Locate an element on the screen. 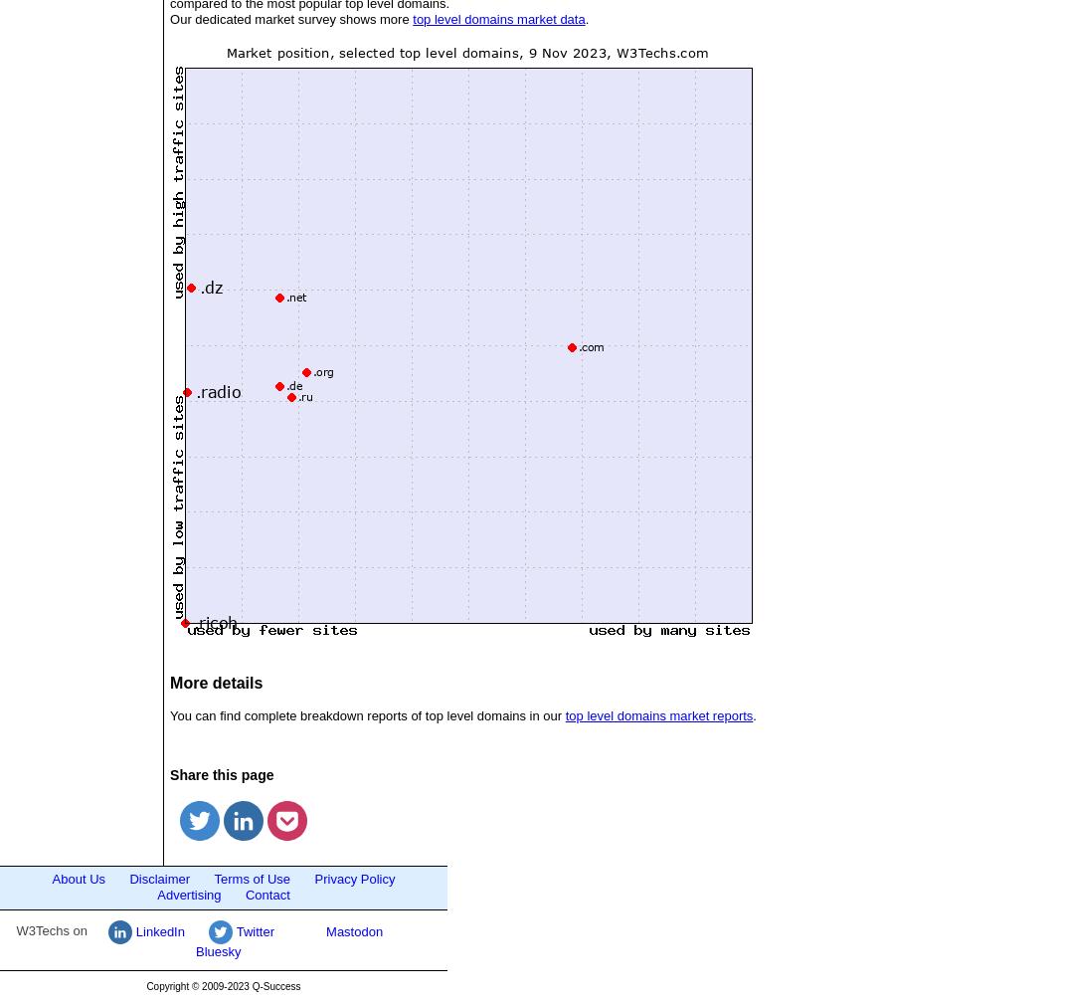 This screenshot has height=1004, width=1065. 'Privacy Policy' is located at coordinates (313, 879).